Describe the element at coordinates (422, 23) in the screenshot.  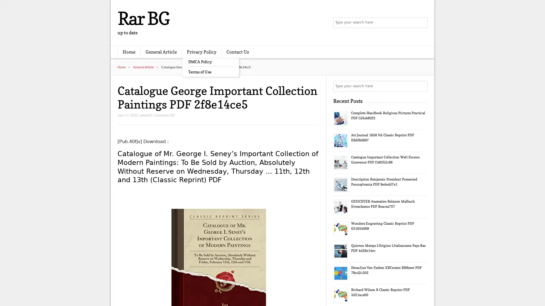
I see `Search` at that location.